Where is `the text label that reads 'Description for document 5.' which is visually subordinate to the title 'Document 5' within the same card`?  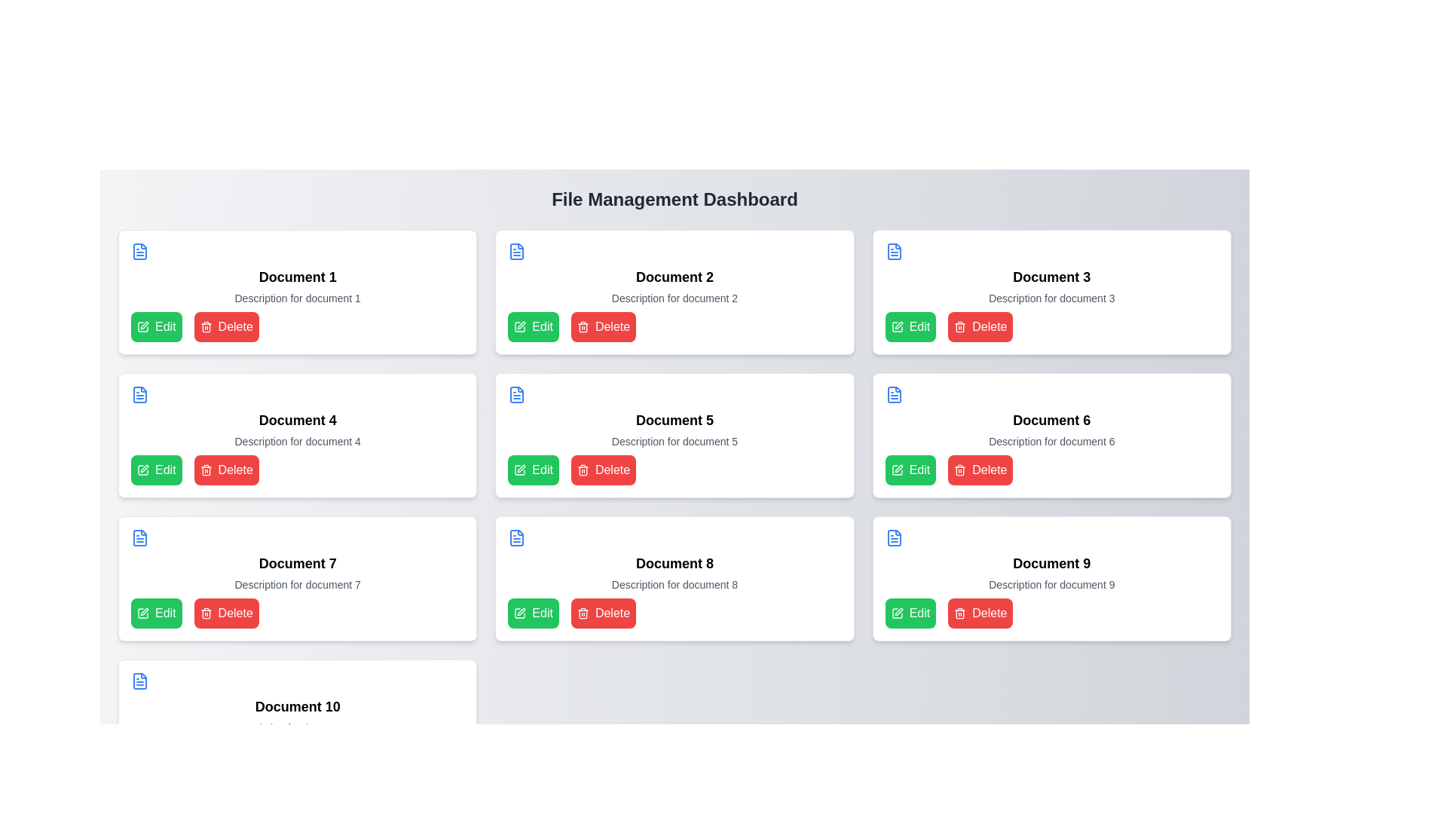 the text label that reads 'Description for document 5.' which is visually subordinate to the title 'Document 5' within the same card is located at coordinates (674, 441).